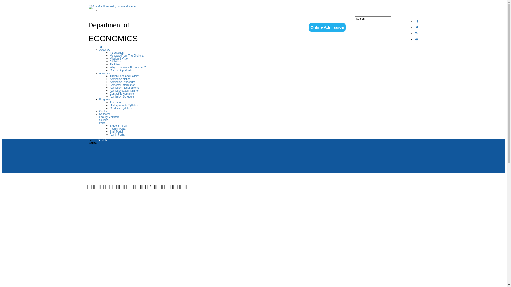  What do you see at coordinates (103, 111) in the screenshot?
I see `'Contact'` at bounding box center [103, 111].